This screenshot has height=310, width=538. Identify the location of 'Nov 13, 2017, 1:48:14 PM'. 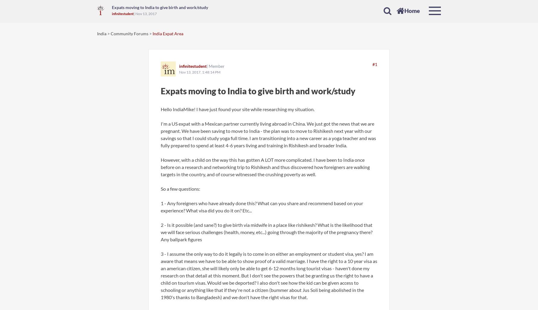
(199, 71).